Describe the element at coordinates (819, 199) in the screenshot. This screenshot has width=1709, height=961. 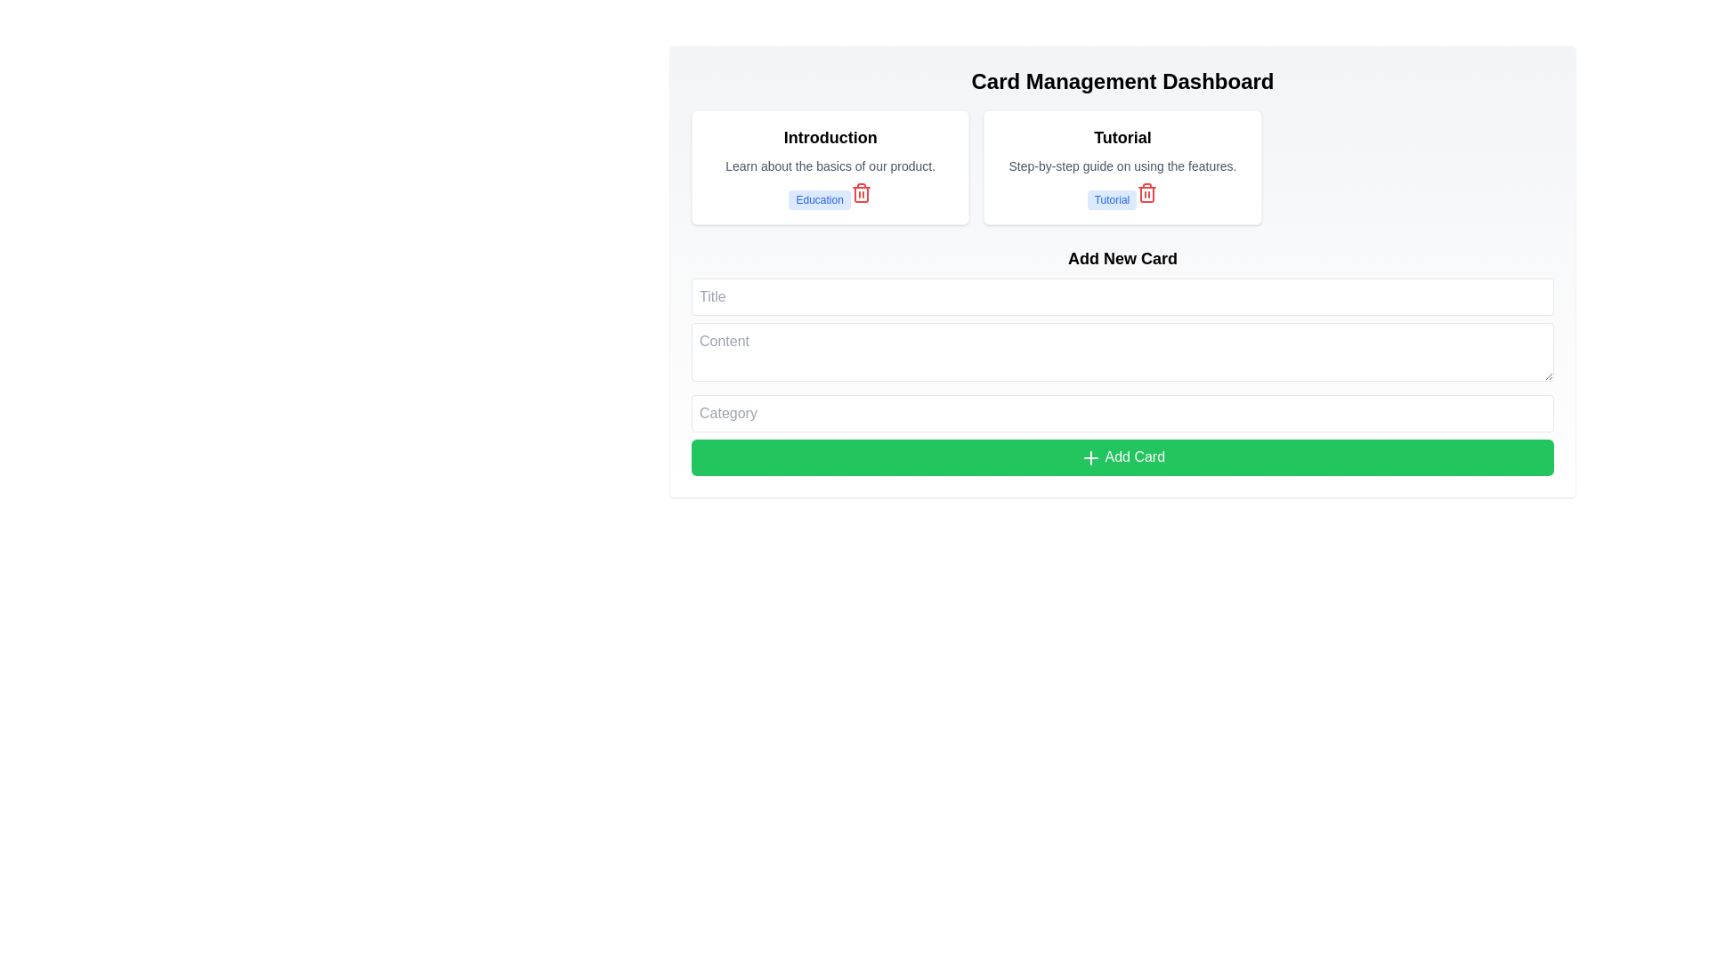
I see `the non-interactive label indicating 'Education' positioned below the 'Introduction' card title in the left-side card` at that location.